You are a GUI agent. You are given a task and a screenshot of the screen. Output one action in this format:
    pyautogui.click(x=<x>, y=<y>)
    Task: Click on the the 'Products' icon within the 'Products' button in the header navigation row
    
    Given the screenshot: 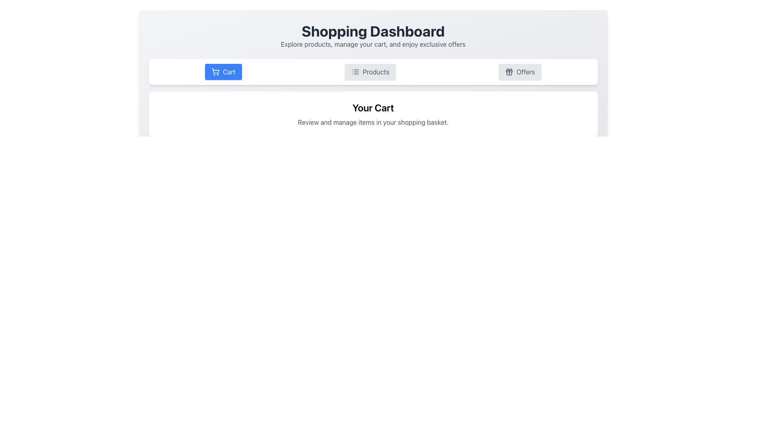 What is the action you would take?
    pyautogui.click(x=355, y=72)
    